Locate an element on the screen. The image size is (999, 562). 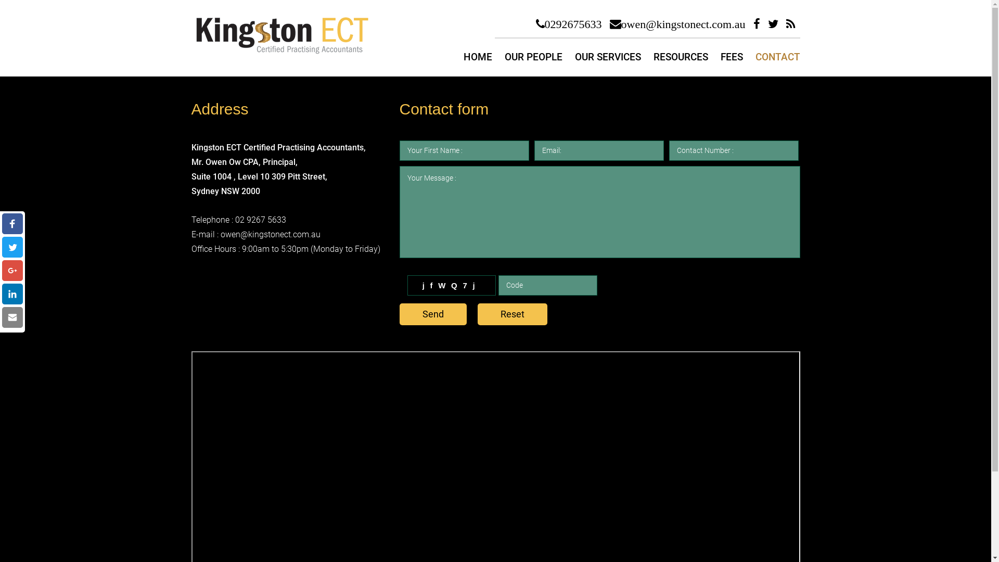
'OUR PEOPLE' is located at coordinates (533, 57).